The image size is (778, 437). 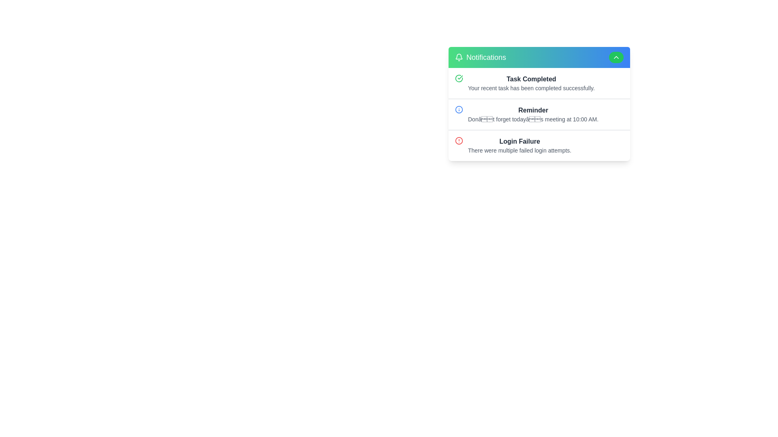 What do you see at coordinates (616, 57) in the screenshot?
I see `the interactive button located at the top-right corner of the 'Notifications' header section` at bounding box center [616, 57].